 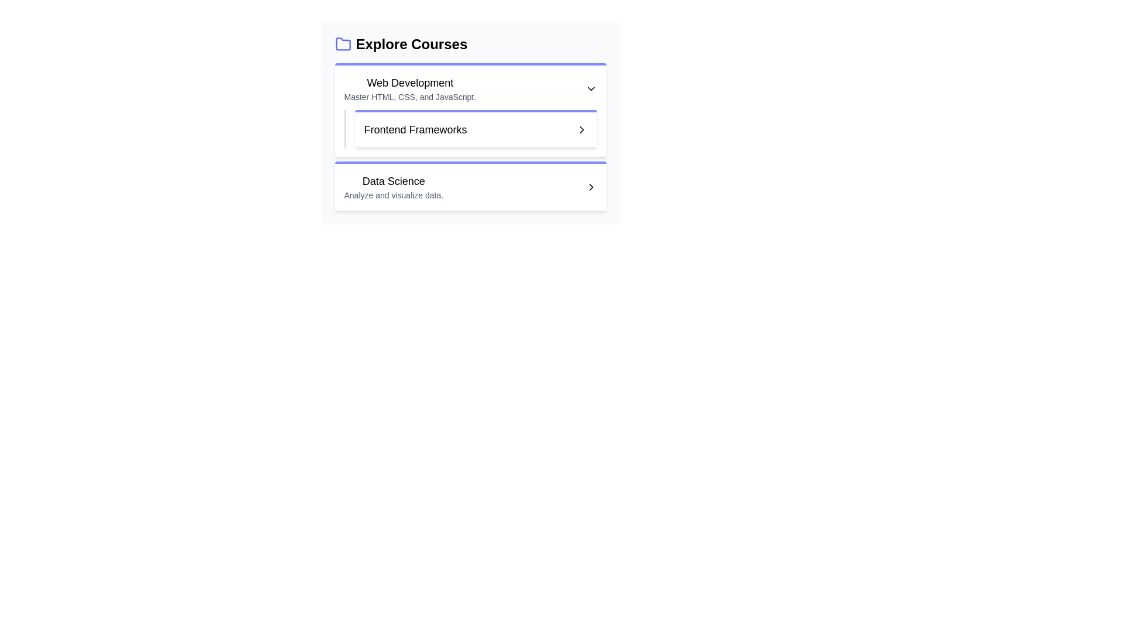 What do you see at coordinates (470, 128) in the screenshot?
I see `the clickable navigation item for 'Frontend Frameworks' located within the 'Web Development' section` at bounding box center [470, 128].